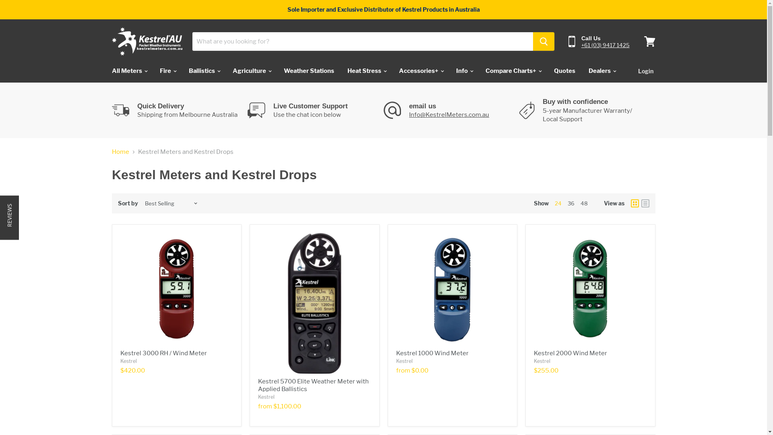  What do you see at coordinates (204, 70) in the screenshot?
I see `'Ballistics'` at bounding box center [204, 70].